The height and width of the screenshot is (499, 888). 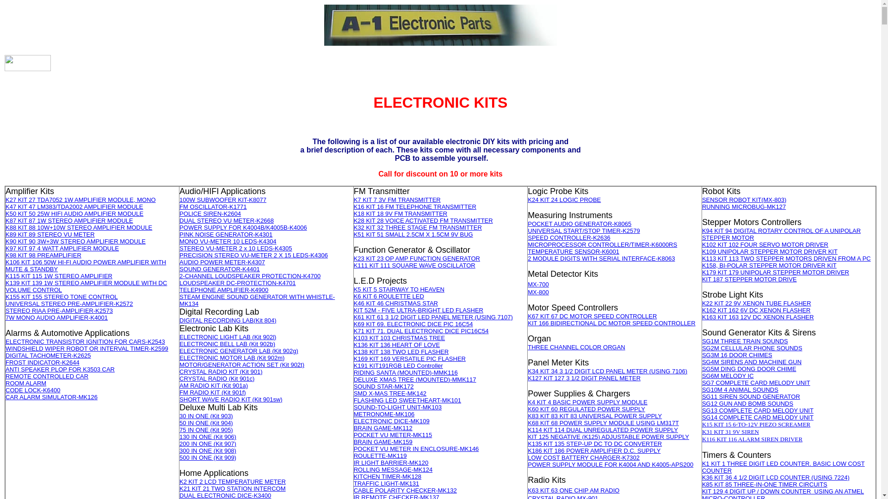 What do you see at coordinates (395, 303) in the screenshot?
I see `'K46 KIT 46 CHRISTMAS STAR'` at bounding box center [395, 303].